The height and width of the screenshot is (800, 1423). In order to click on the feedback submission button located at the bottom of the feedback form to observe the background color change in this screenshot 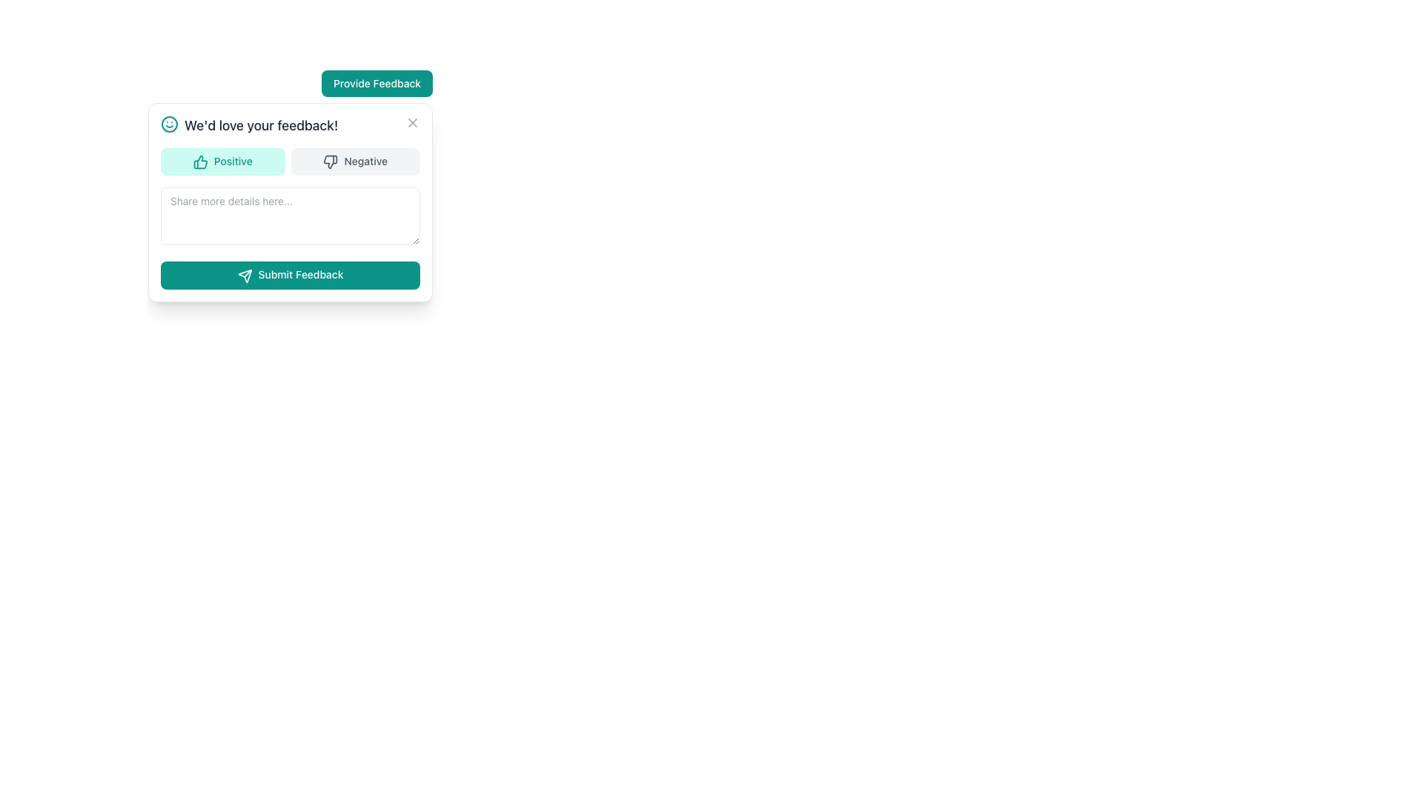, I will do `click(291, 274)`.